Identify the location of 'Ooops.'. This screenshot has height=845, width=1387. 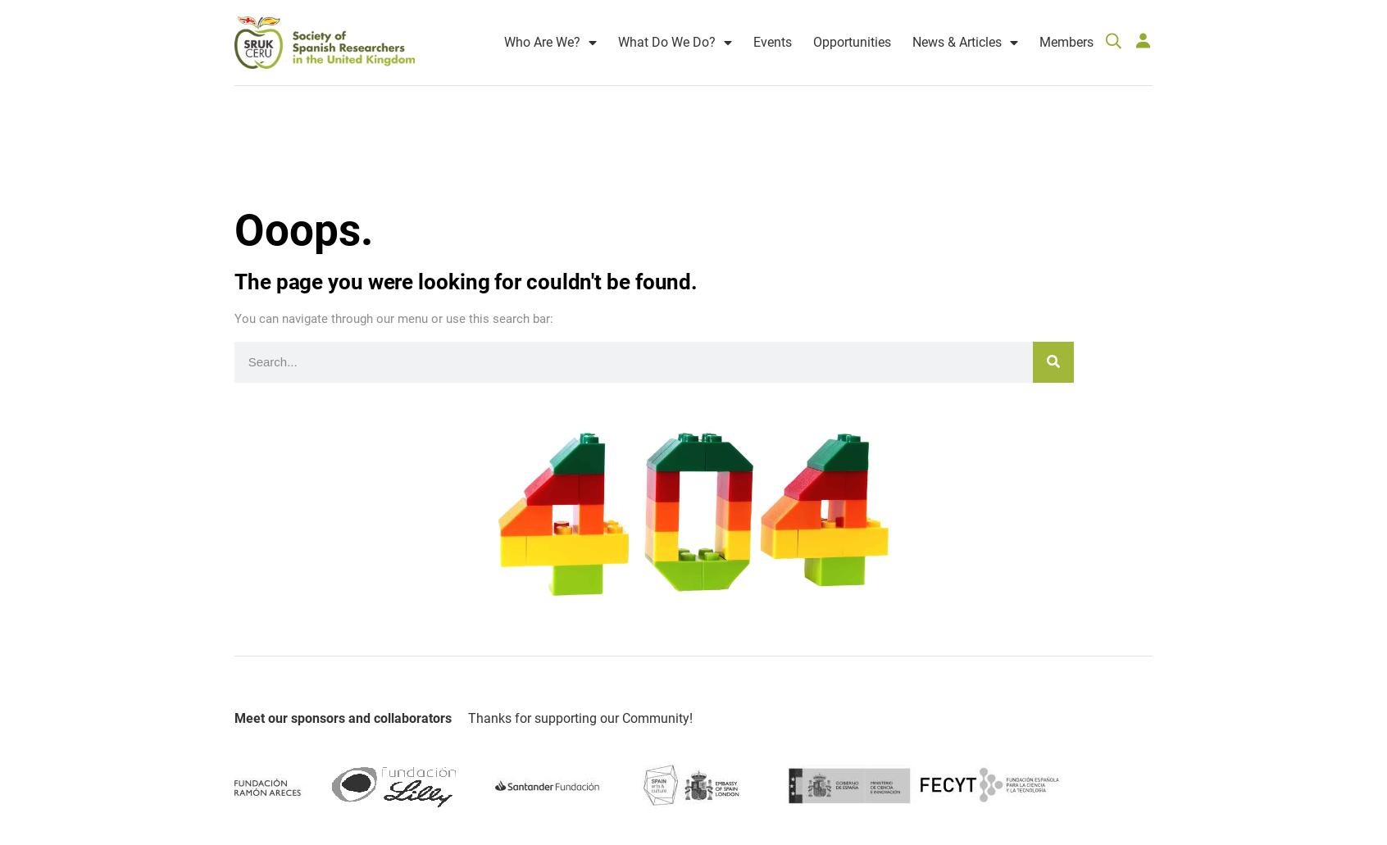
(233, 216).